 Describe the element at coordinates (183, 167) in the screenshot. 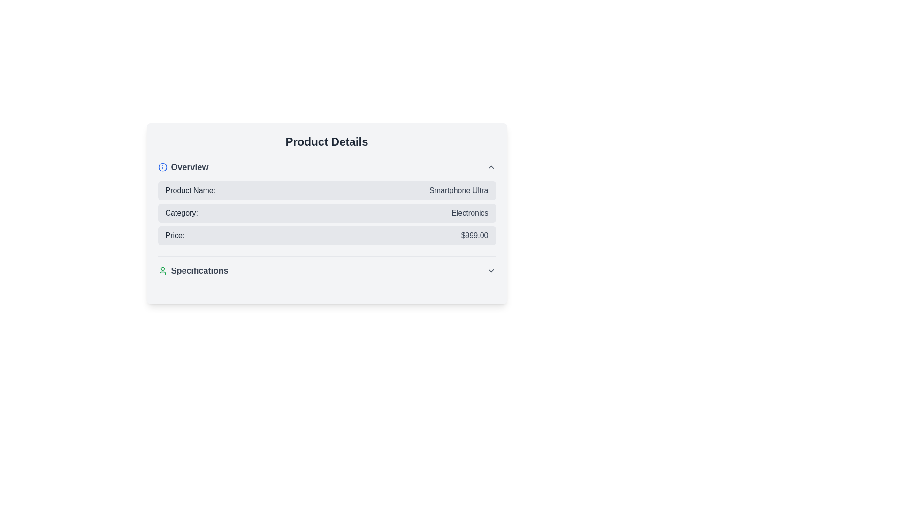

I see `the 'Overview' text label in the upper-left section of the 'Product Details' panel, which features a blue information icon to its left` at that location.